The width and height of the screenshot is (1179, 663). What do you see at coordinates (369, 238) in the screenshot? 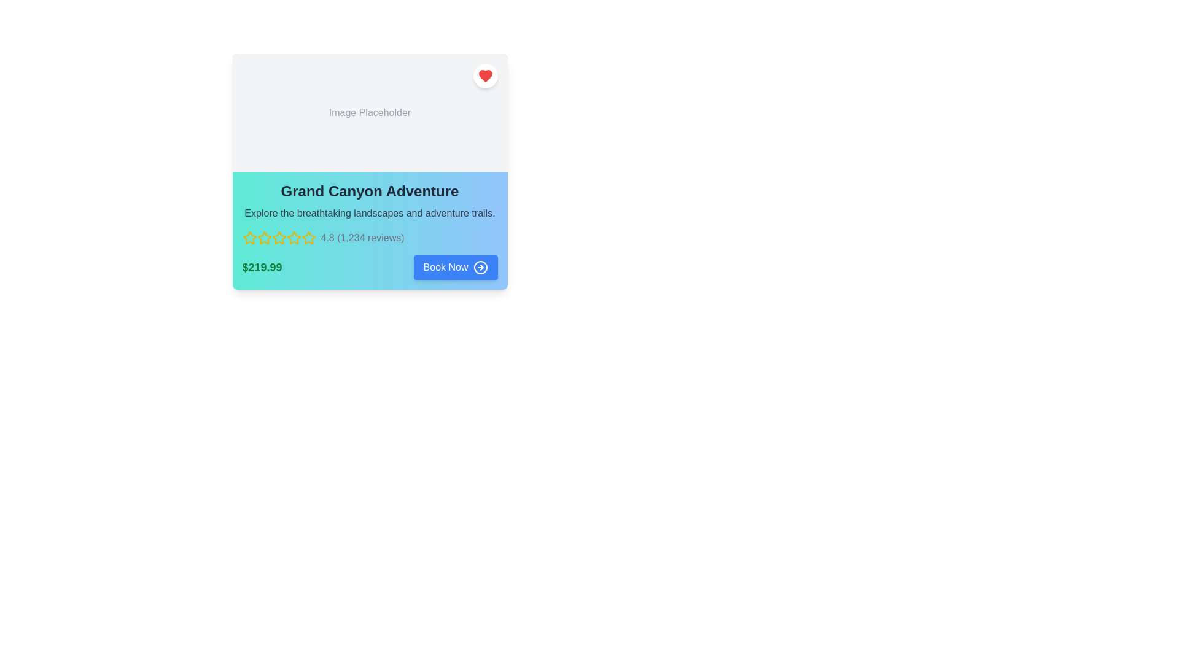
I see `rating and review data from the rating display with a 5-star system below the title 'Grand Canyon Adventure'` at bounding box center [369, 238].